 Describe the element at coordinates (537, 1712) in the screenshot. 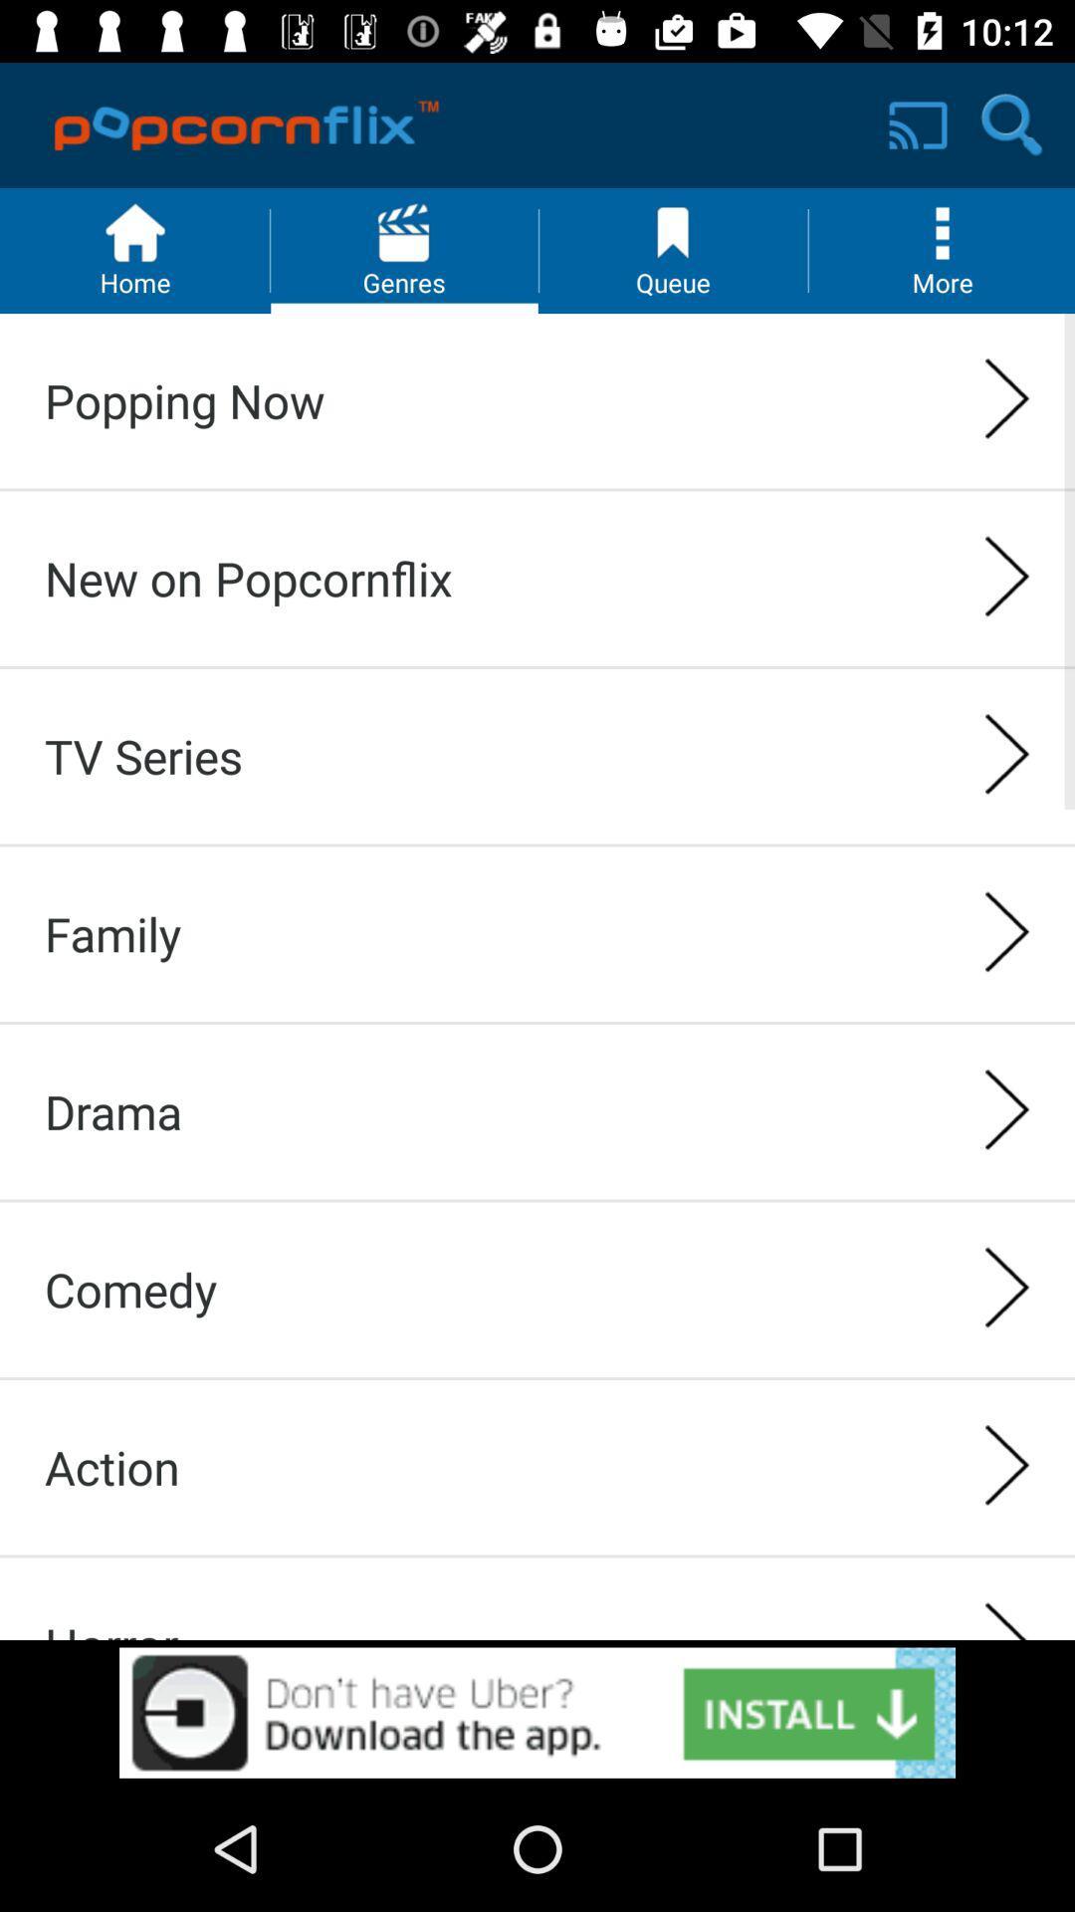

I see `advertisement banner` at that location.